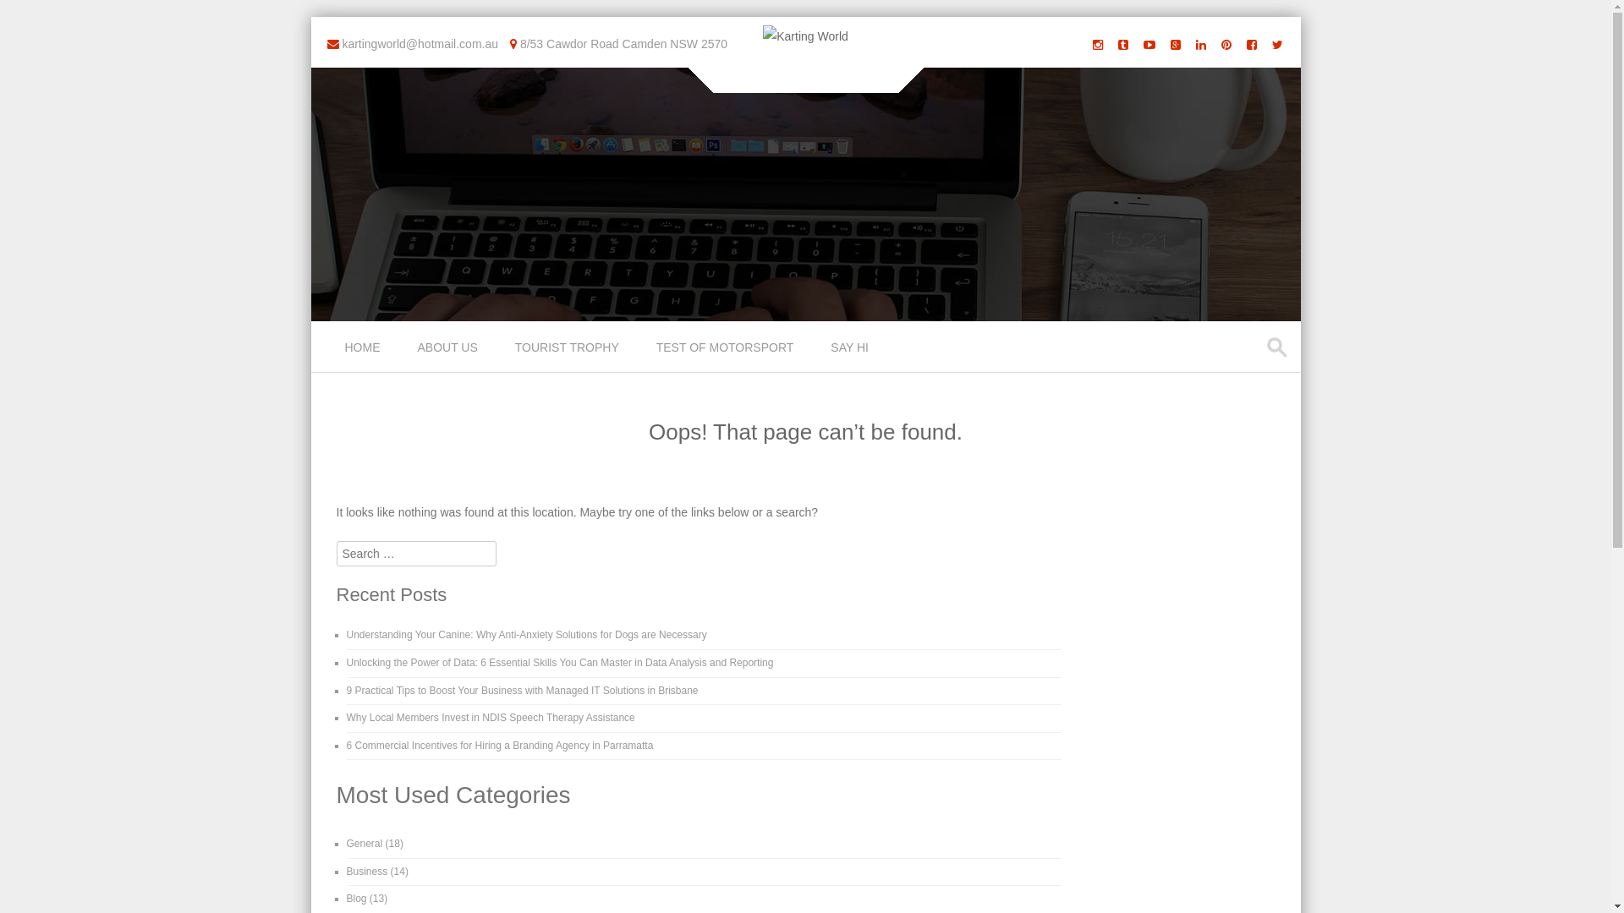 The image size is (1624, 913). What do you see at coordinates (449, 345) in the screenshot?
I see `'ABOUT US'` at bounding box center [449, 345].